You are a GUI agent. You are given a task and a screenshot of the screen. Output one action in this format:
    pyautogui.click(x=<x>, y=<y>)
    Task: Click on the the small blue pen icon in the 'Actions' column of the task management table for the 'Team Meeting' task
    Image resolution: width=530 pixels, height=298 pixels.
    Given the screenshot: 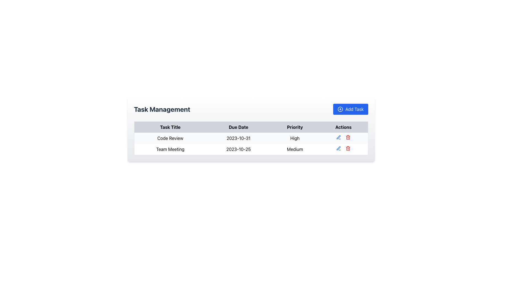 What is the action you would take?
    pyautogui.click(x=338, y=137)
    